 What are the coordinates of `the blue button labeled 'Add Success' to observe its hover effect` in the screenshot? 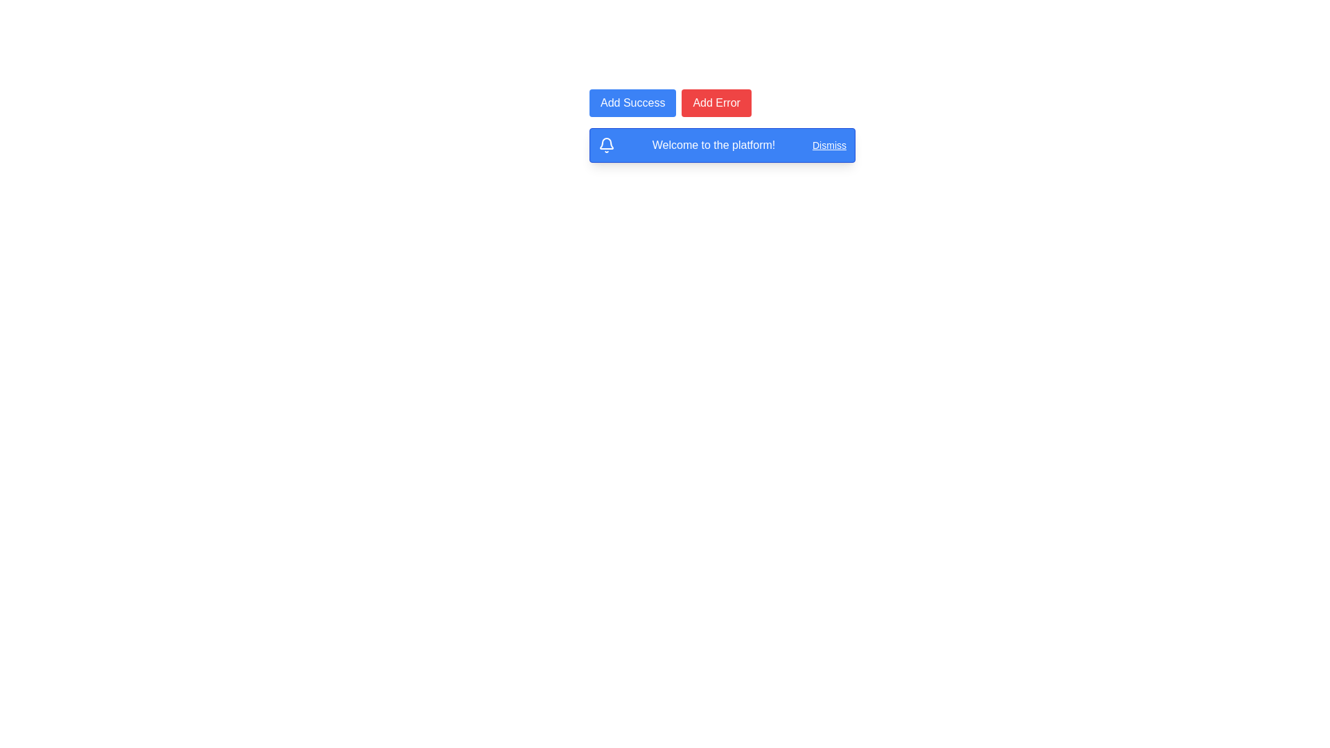 It's located at (632, 103).